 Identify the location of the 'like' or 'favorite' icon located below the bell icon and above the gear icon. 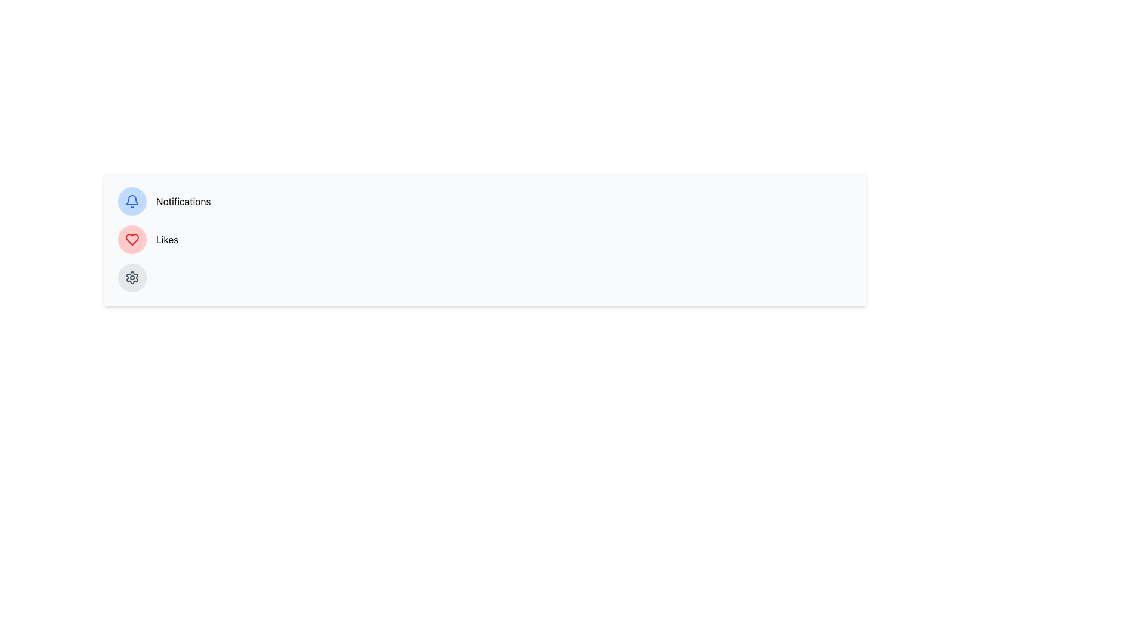
(132, 239).